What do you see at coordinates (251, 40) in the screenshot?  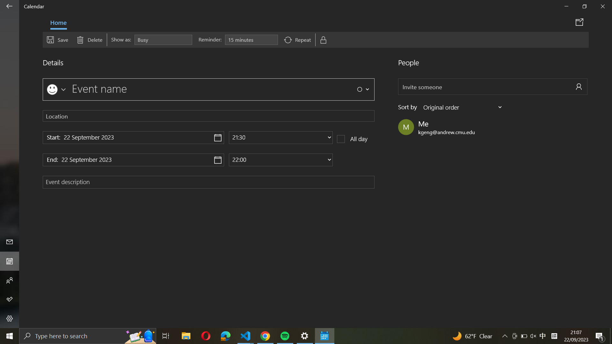 I see `Create an alert for the upcoming event` at bounding box center [251, 40].